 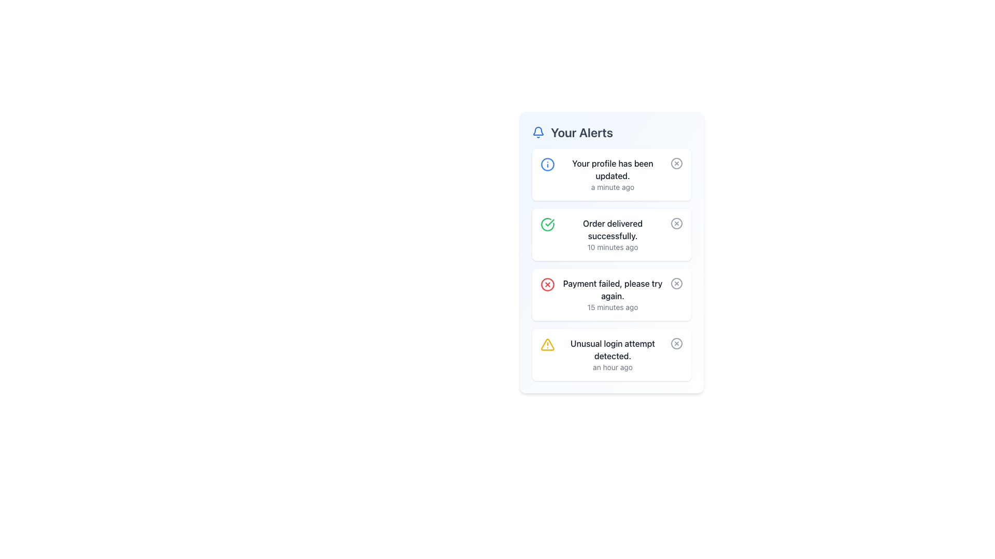 I want to click on notification text about an unusual login attempt in the last notification of the 'Your Alerts' card, so click(x=613, y=355).